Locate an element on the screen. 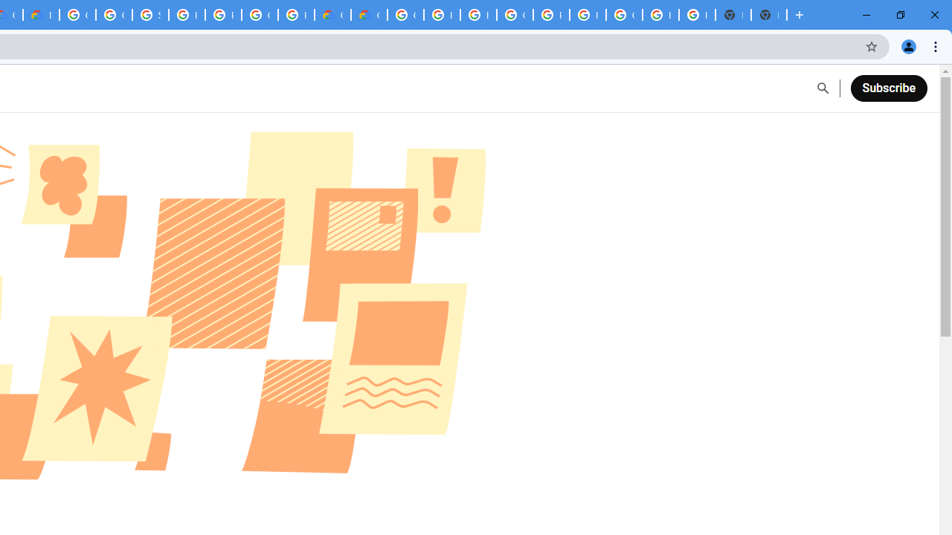 The image size is (952, 535). 'Browse Chrome as a guest - Computer - Google Chrome Help' is located at coordinates (441, 15).